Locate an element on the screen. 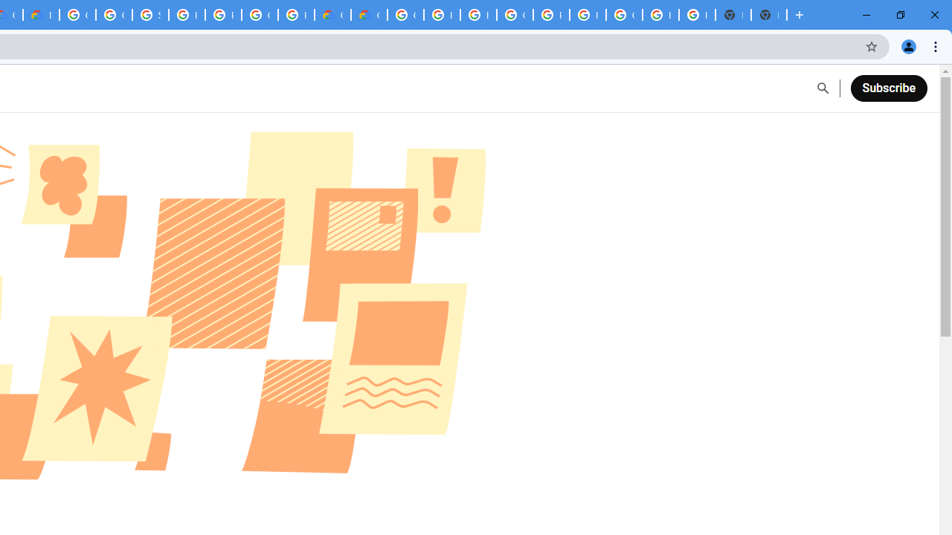 The image size is (952, 535). 'Browse Chrome as a guest - Computer - Google Chrome Help' is located at coordinates (441, 15).